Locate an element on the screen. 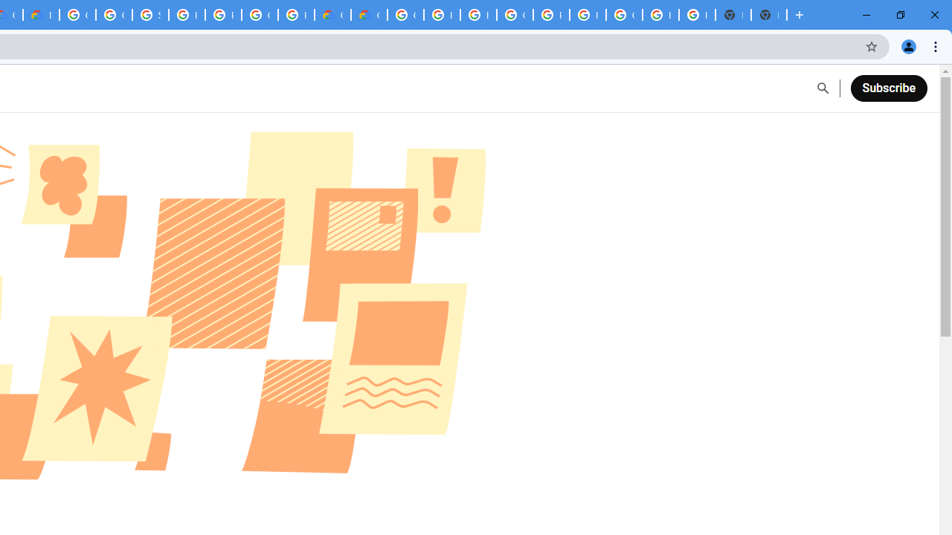 The image size is (952, 535). 'Browse Chrome as a guest - Computer - Google Chrome Help' is located at coordinates (441, 15).